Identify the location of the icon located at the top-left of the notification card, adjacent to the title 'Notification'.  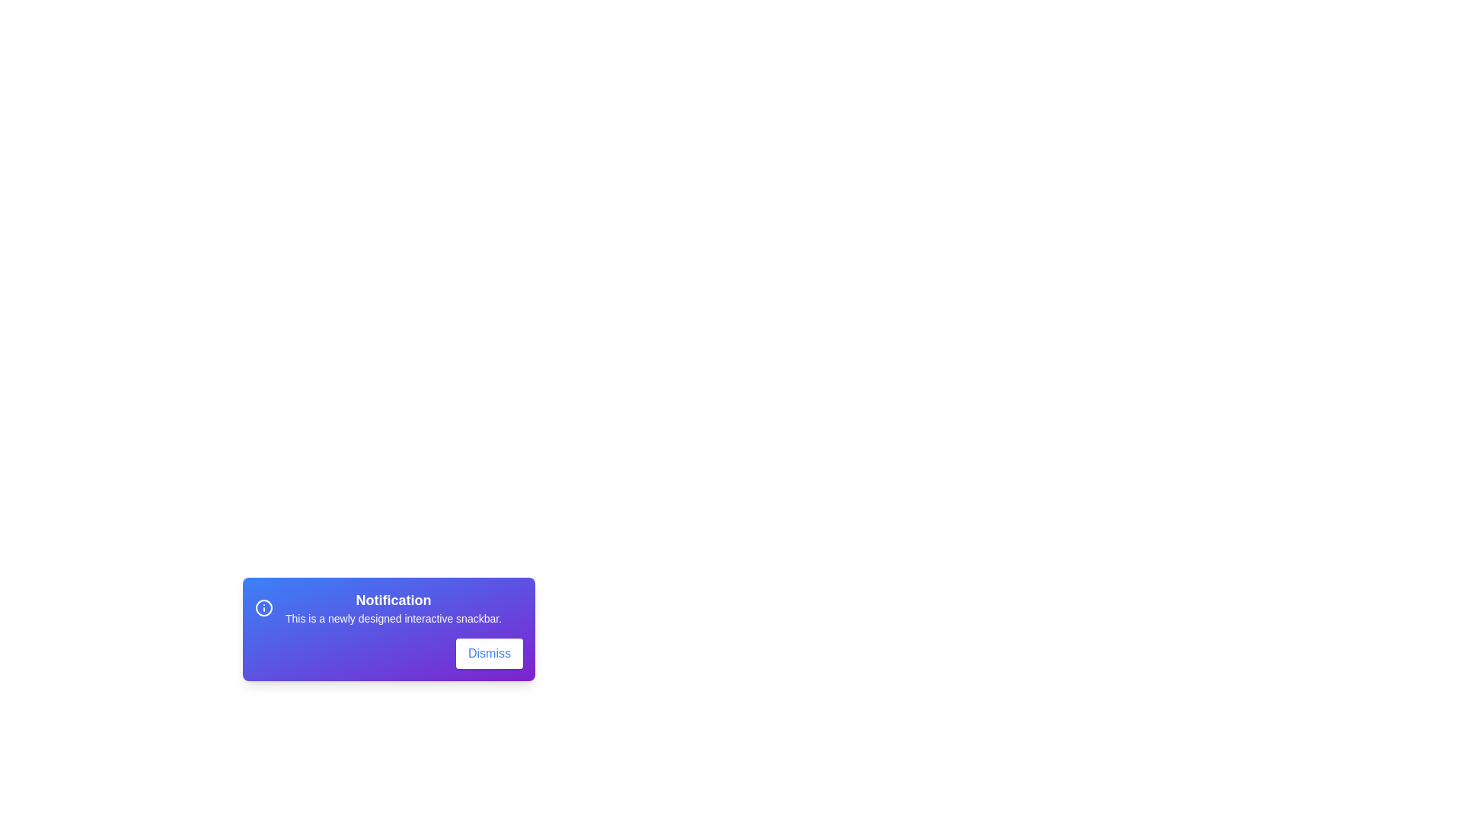
(263, 607).